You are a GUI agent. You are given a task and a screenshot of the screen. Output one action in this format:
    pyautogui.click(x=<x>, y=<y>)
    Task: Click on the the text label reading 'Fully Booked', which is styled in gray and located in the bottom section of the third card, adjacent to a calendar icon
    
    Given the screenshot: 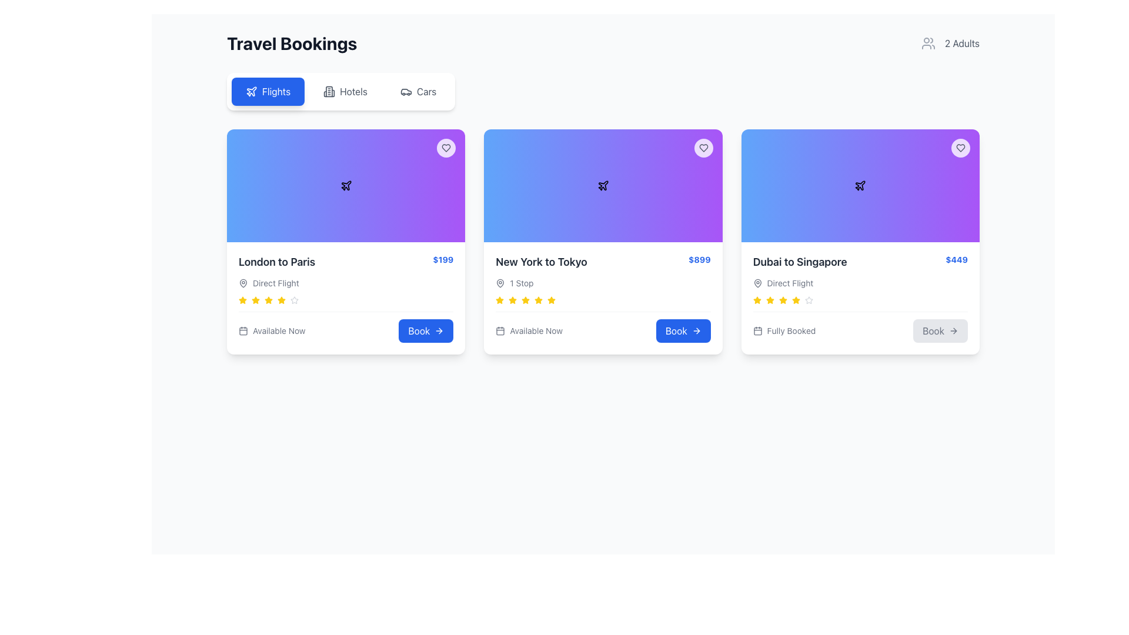 What is the action you would take?
    pyautogui.click(x=791, y=331)
    